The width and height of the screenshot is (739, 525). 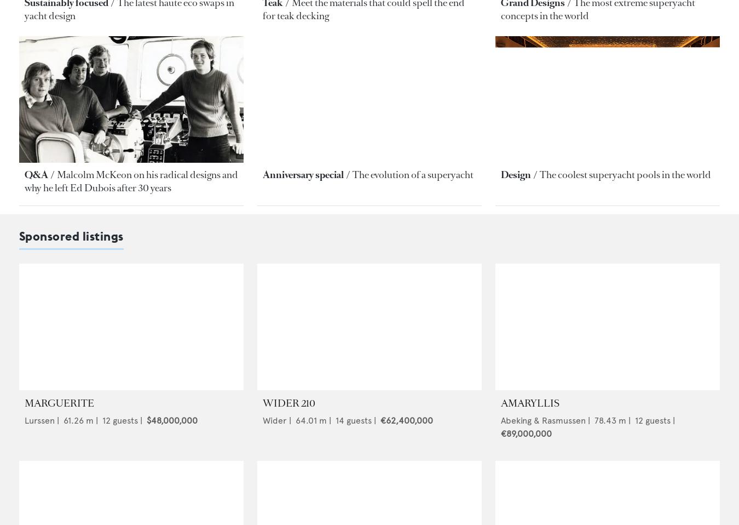 I want to click on 'Wider', so click(x=274, y=420).